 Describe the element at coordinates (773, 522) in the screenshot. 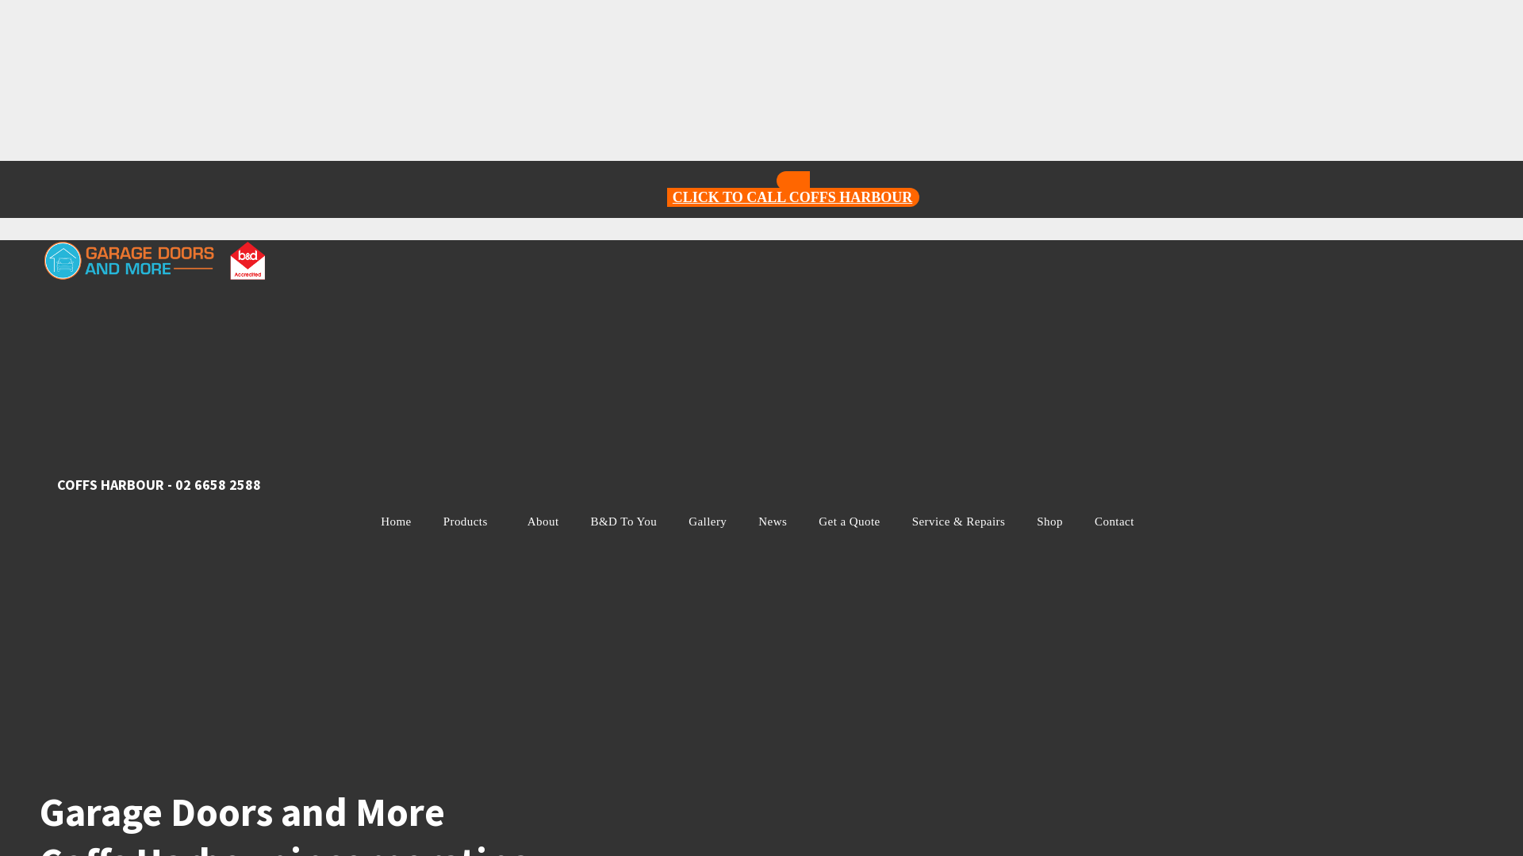

I see `'News'` at that location.